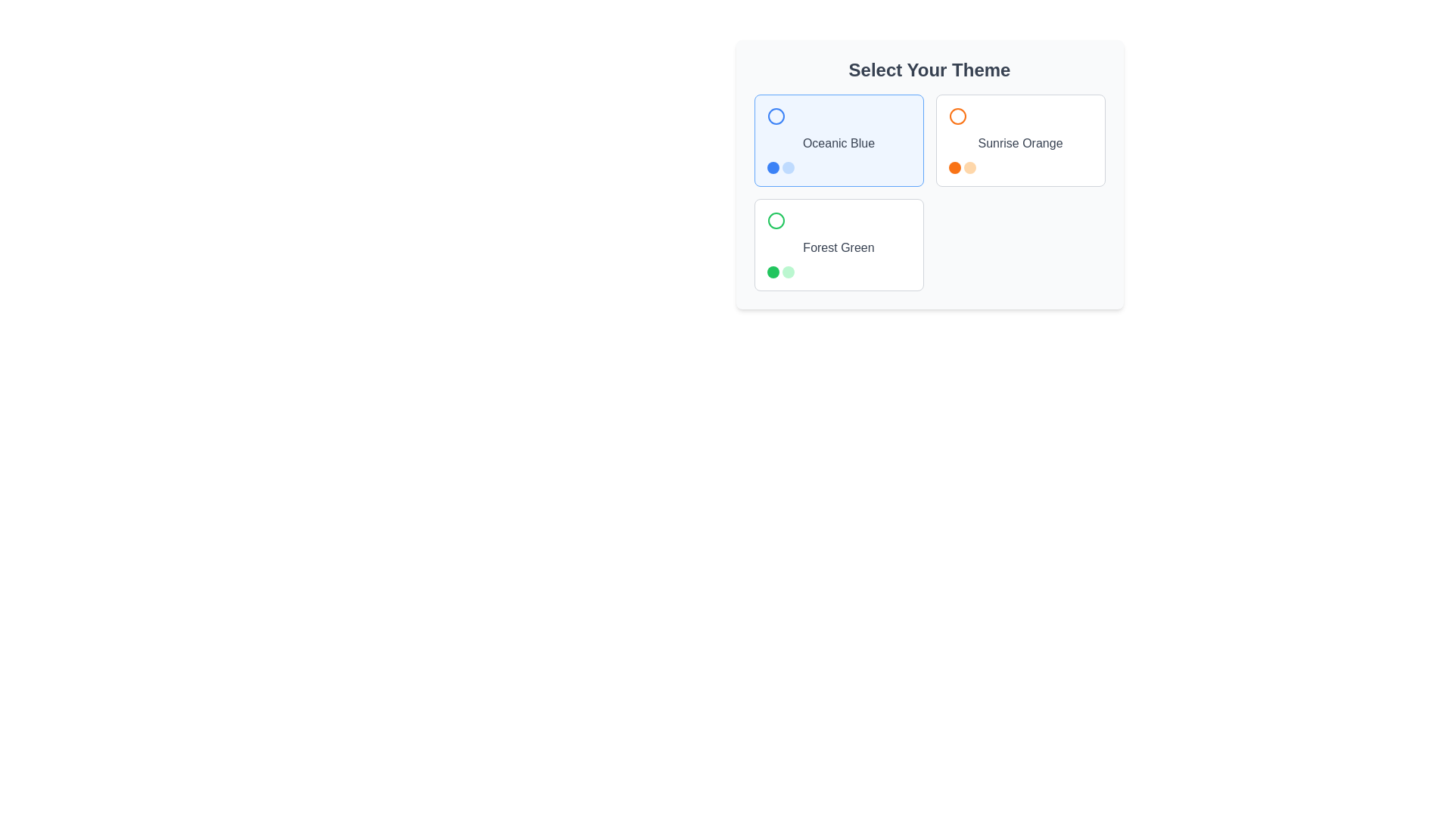  What do you see at coordinates (776, 221) in the screenshot?
I see `the SVG Circle that represents the 'Forest Green' theme visually, located at the bottom-left corner of the theme selection dialog` at bounding box center [776, 221].